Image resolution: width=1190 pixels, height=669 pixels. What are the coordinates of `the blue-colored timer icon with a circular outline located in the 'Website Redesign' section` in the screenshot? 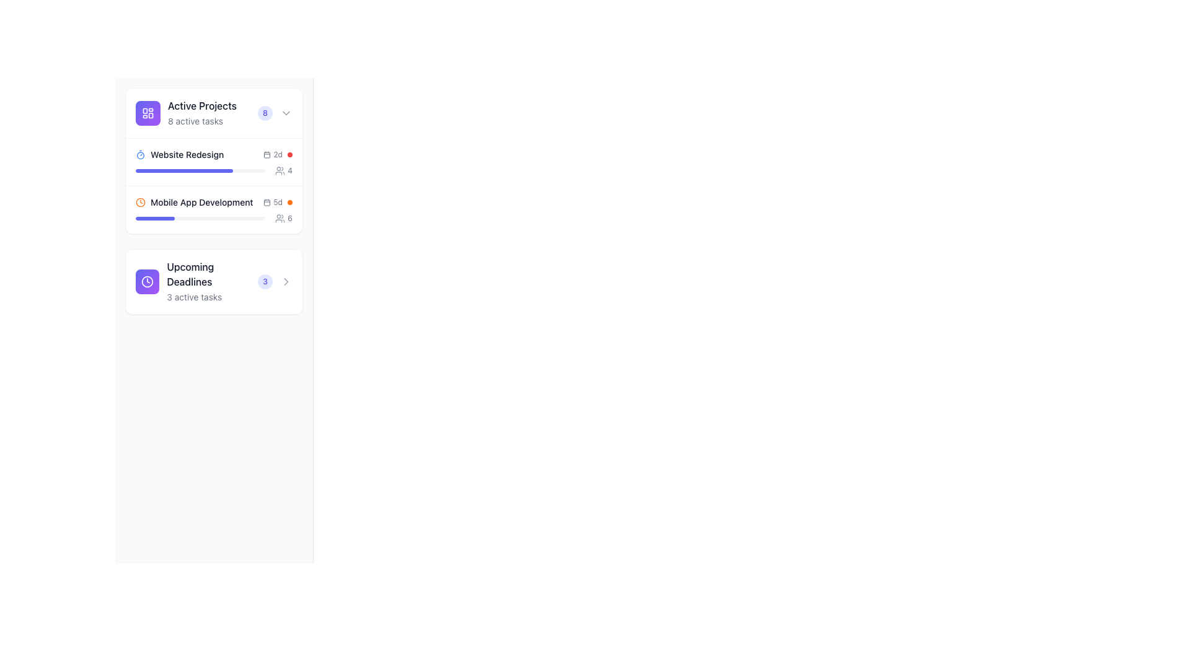 It's located at (140, 154).